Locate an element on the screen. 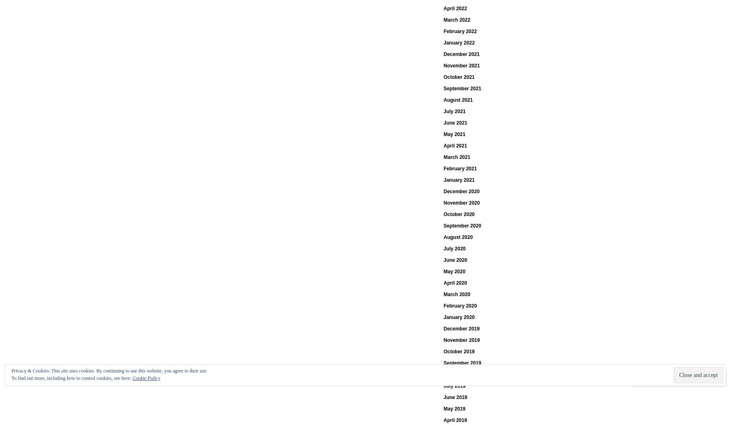  'Comment' is located at coordinates (646, 379).